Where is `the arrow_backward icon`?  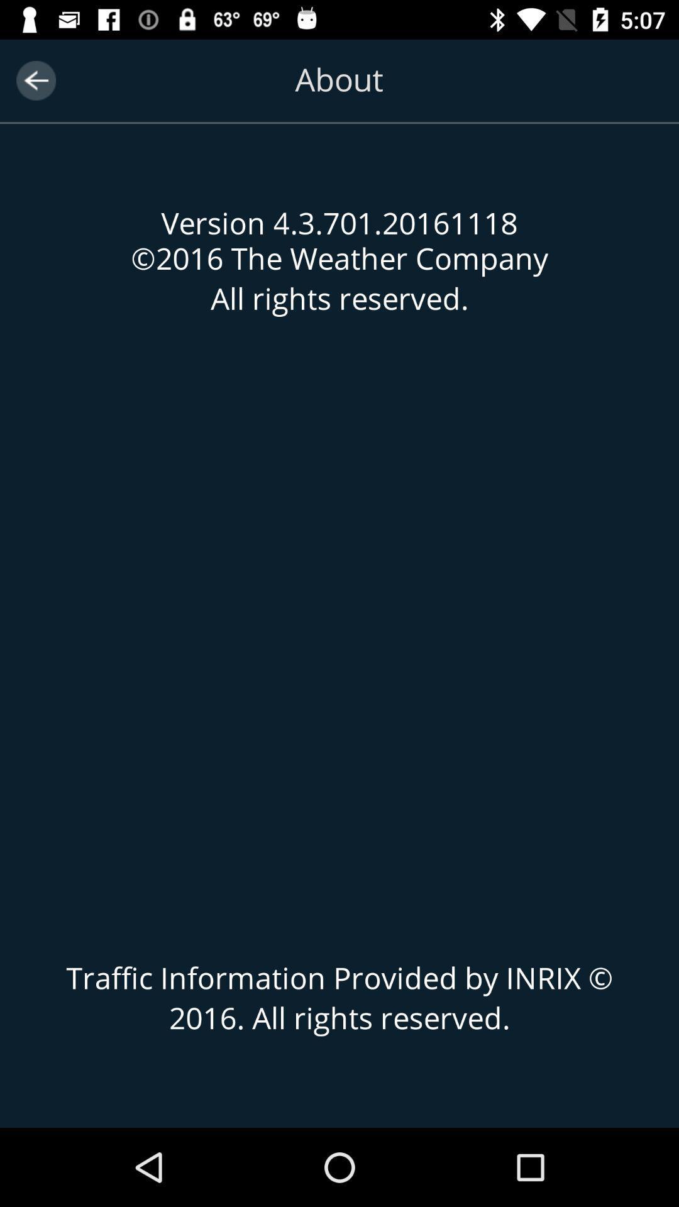 the arrow_backward icon is located at coordinates (35, 80).